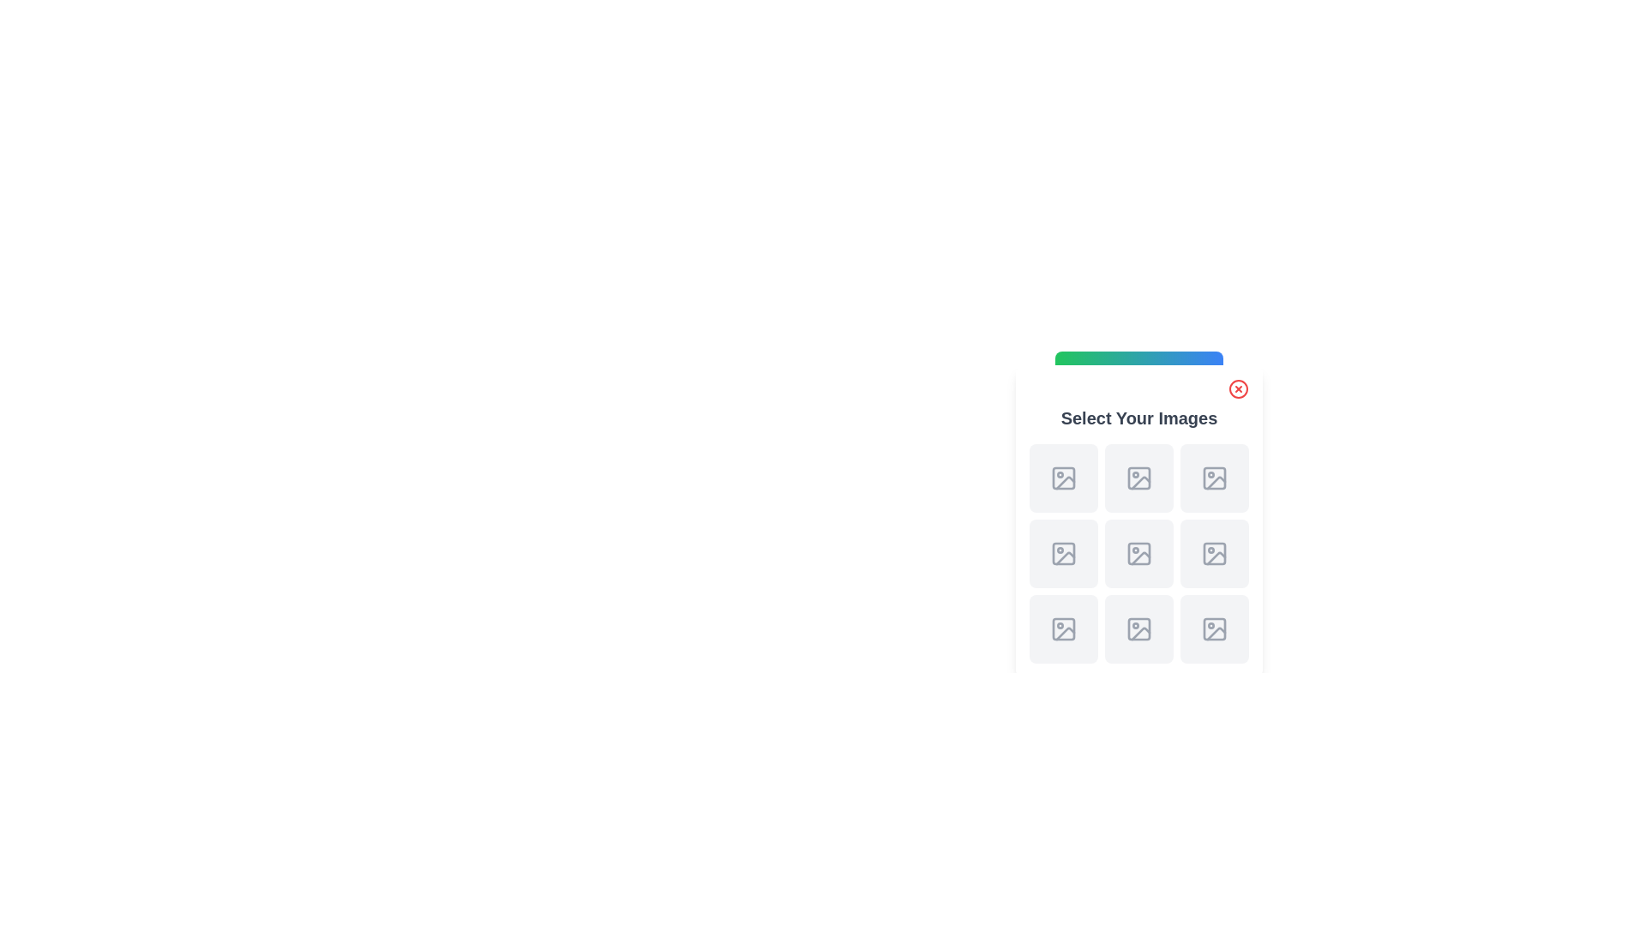 This screenshot has height=926, width=1646. I want to click on an image from the desktop onto the square-shaped upload button with a picture frame icon located in the second row and second column of the grid, so click(1139, 553).